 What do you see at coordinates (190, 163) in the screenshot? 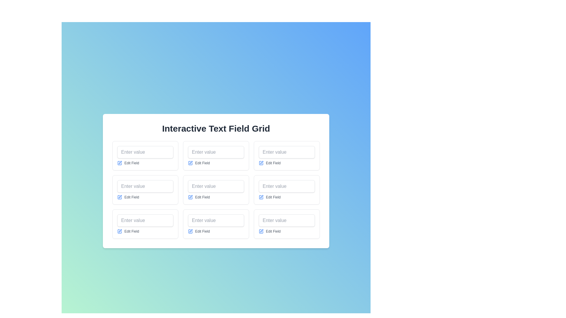
I see `the small blue square pen icon located to the left of the 'Edit Field' text to initiate an edit action` at bounding box center [190, 163].